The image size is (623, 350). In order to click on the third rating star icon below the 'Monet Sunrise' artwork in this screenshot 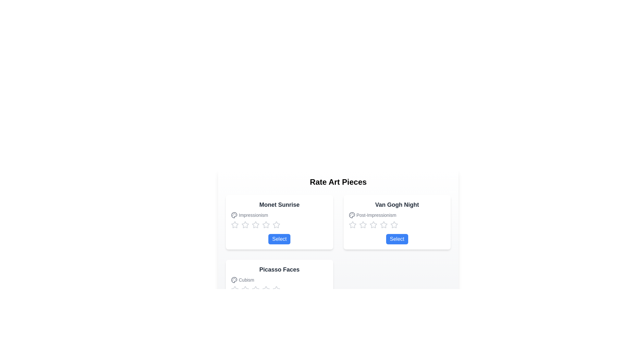, I will do `click(255, 224)`.